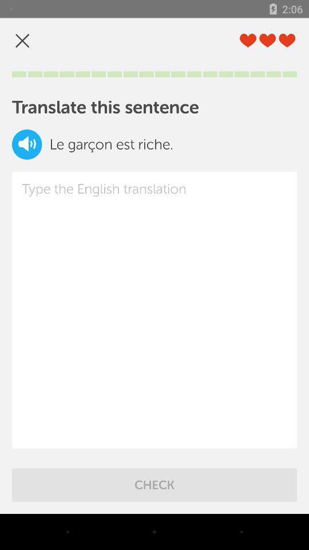 This screenshot has width=309, height=550. Describe the element at coordinates (154, 310) in the screenshot. I see `item at the center` at that location.